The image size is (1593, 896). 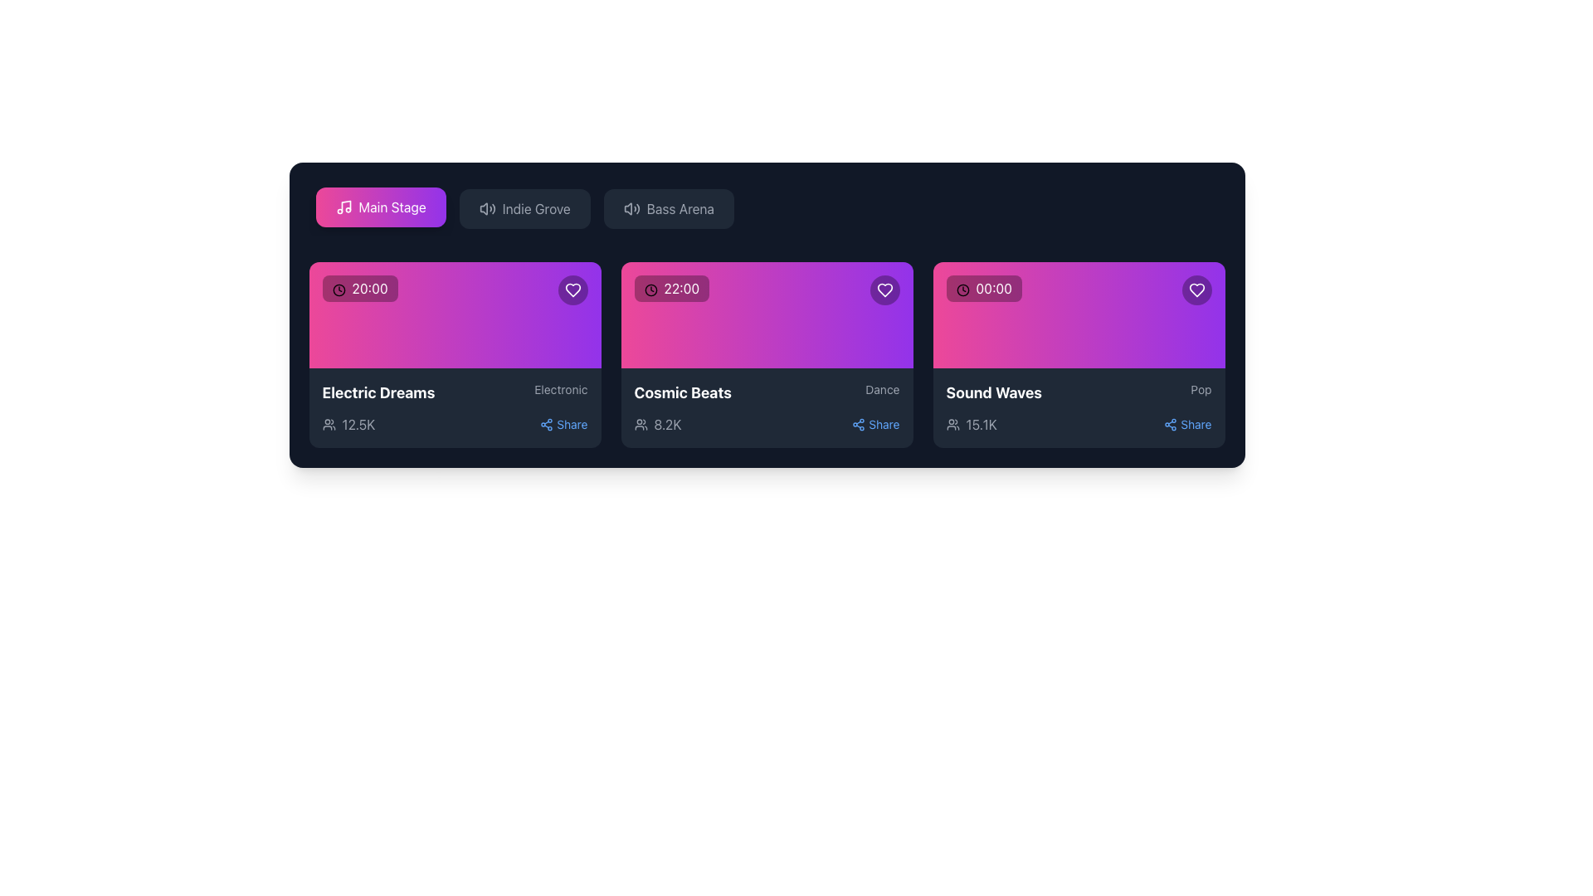 What do you see at coordinates (671, 287) in the screenshot?
I see `the timestamp element displaying the starting time for the 'Cosmic Beats' event in the top-left part of the information card` at bounding box center [671, 287].